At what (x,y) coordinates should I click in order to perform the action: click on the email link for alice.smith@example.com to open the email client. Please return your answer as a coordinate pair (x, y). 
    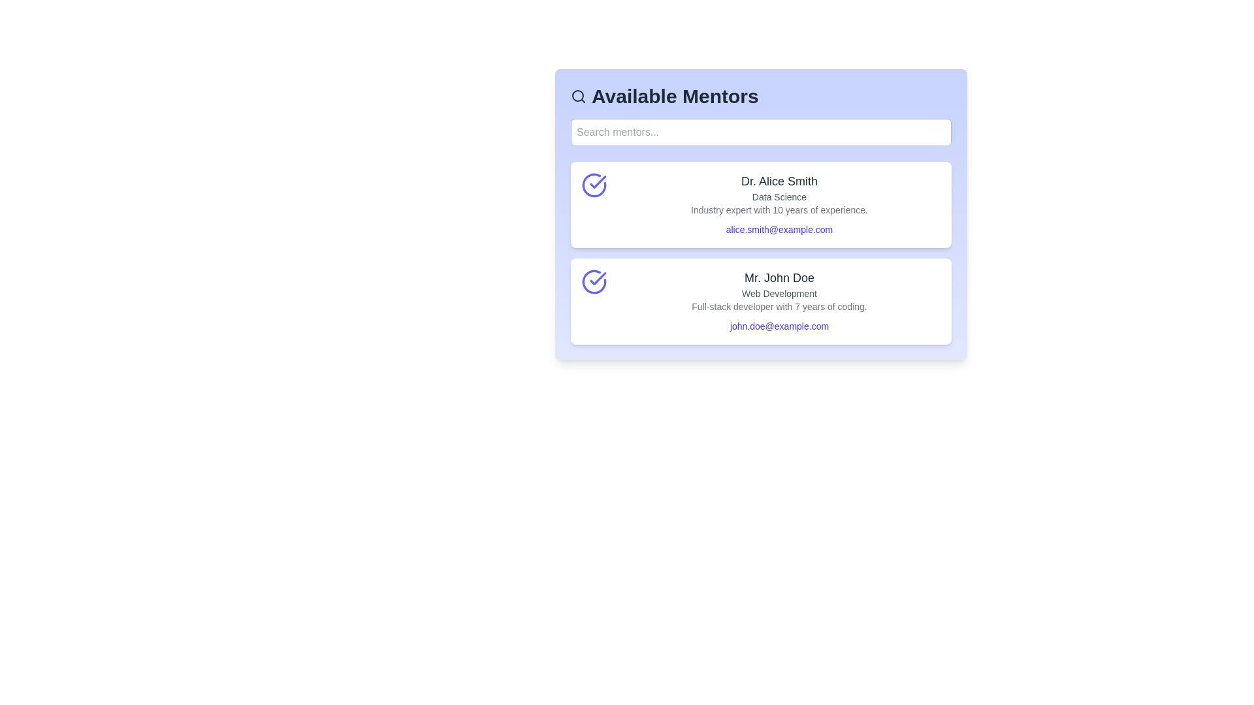
    Looking at the image, I should click on (779, 228).